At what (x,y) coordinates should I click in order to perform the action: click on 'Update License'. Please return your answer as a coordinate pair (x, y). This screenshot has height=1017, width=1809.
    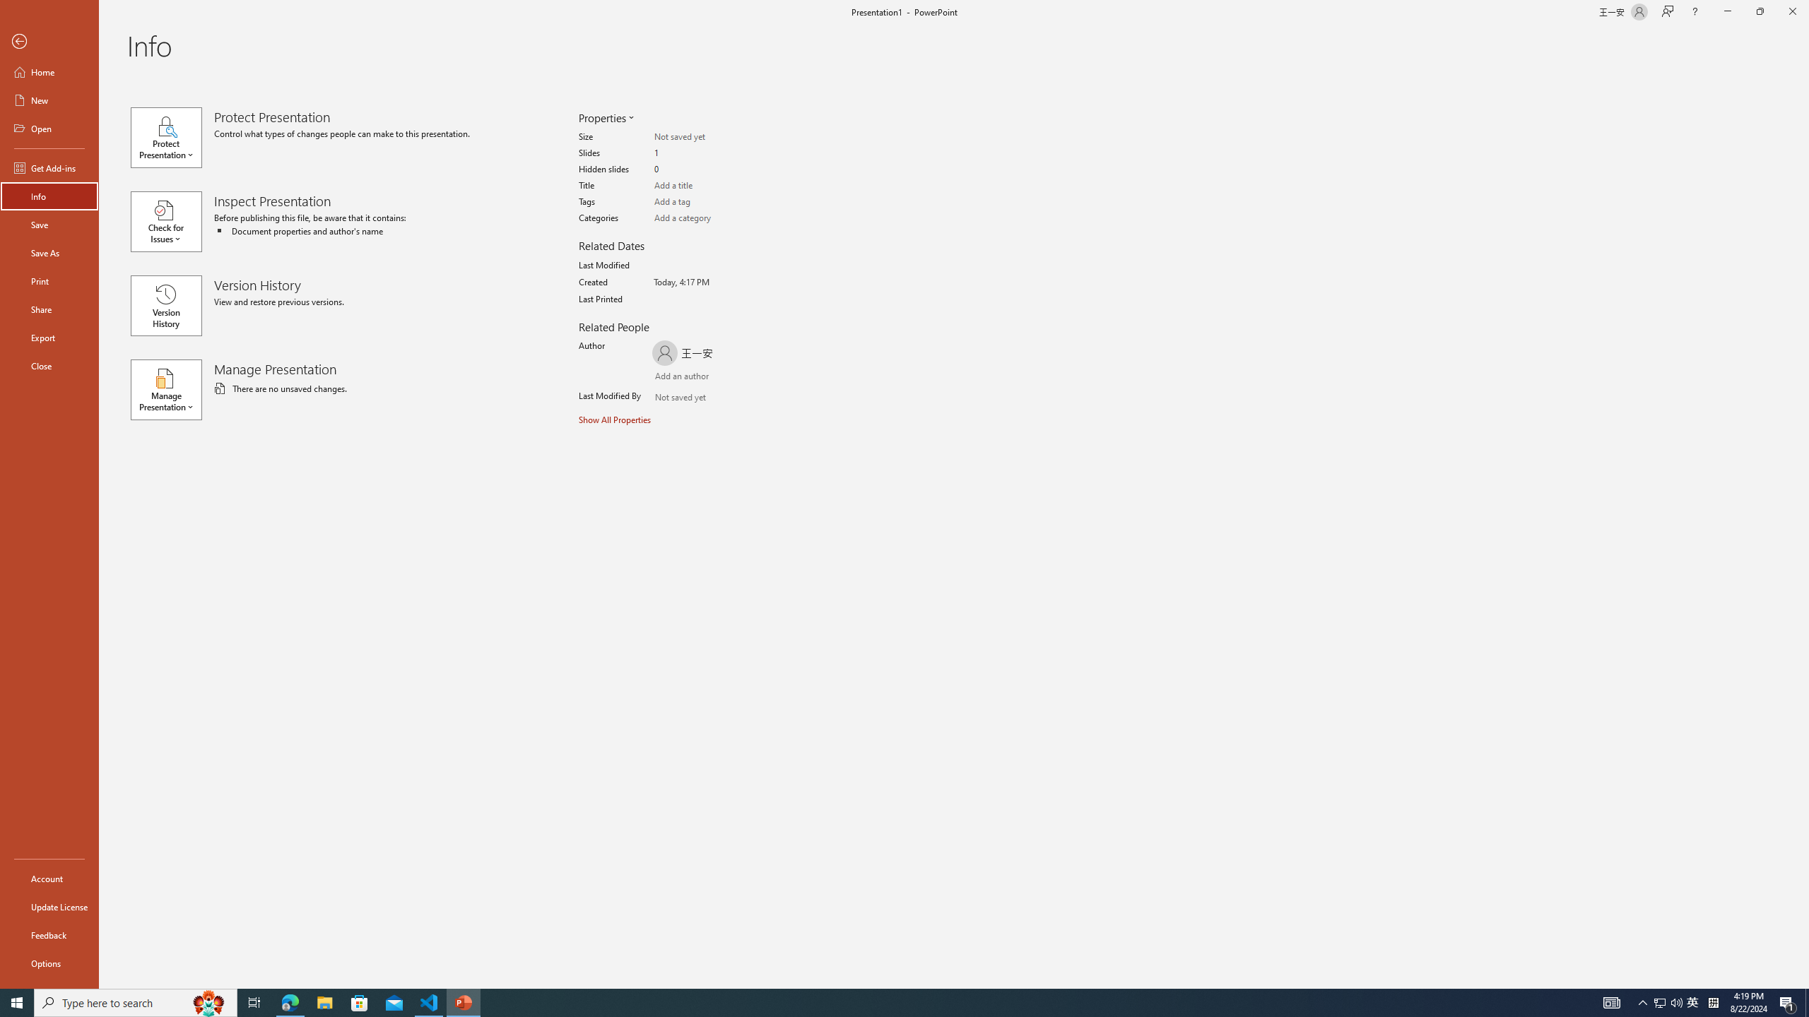
    Looking at the image, I should click on (49, 906).